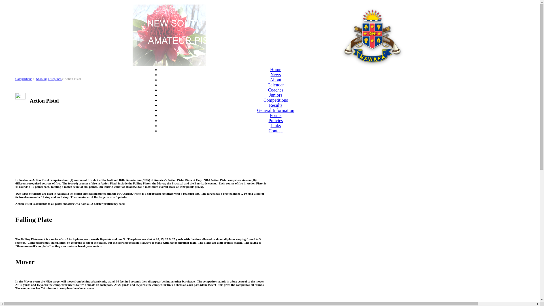 The image size is (544, 306). What do you see at coordinates (275, 69) in the screenshot?
I see `'Home'` at bounding box center [275, 69].